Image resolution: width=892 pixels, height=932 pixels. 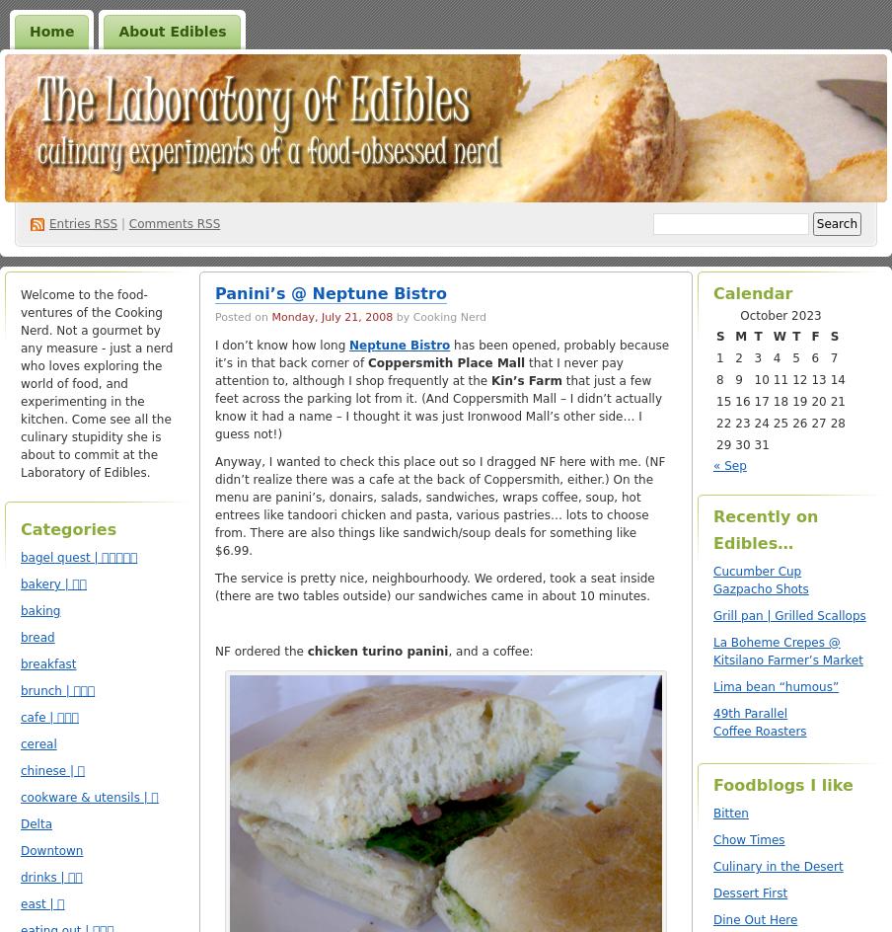 What do you see at coordinates (39, 610) in the screenshot?
I see `'baking'` at bounding box center [39, 610].